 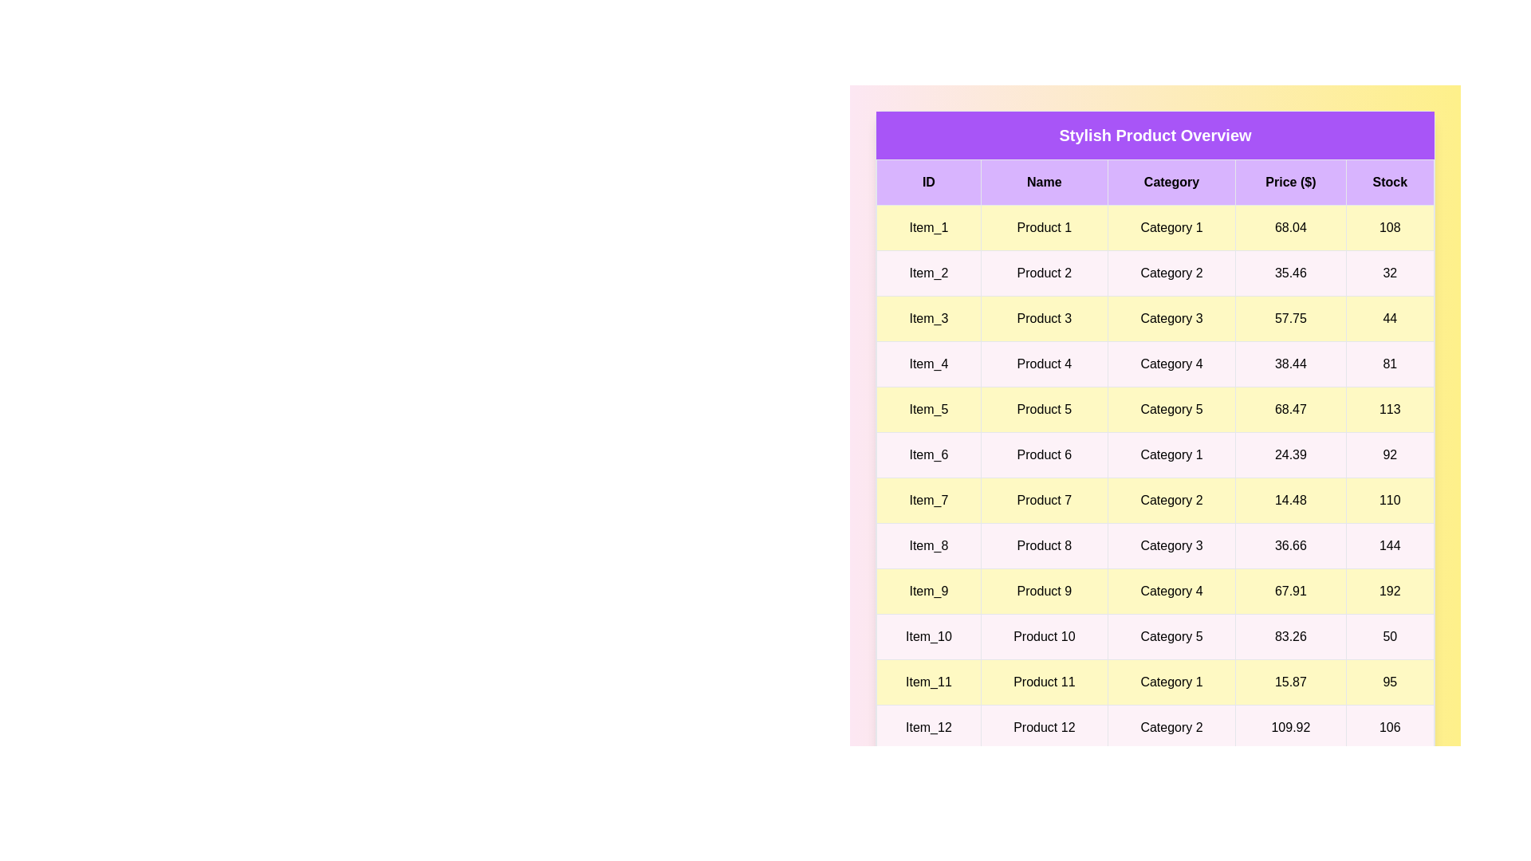 What do you see at coordinates (1171, 181) in the screenshot?
I see `the column header Category to sort the table by that column` at bounding box center [1171, 181].